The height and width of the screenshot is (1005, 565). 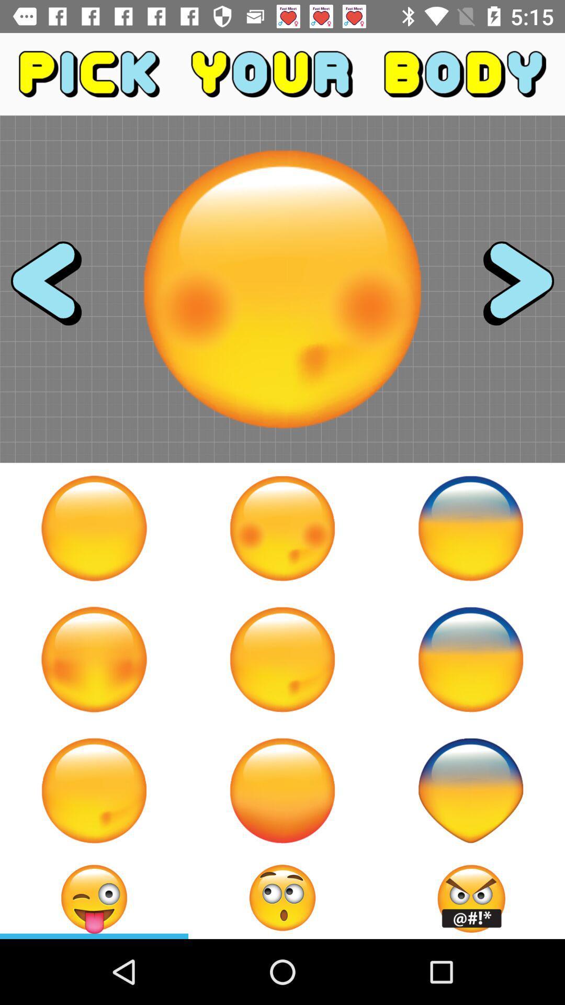 I want to click on back your body on button, so click(x=470, y=658).